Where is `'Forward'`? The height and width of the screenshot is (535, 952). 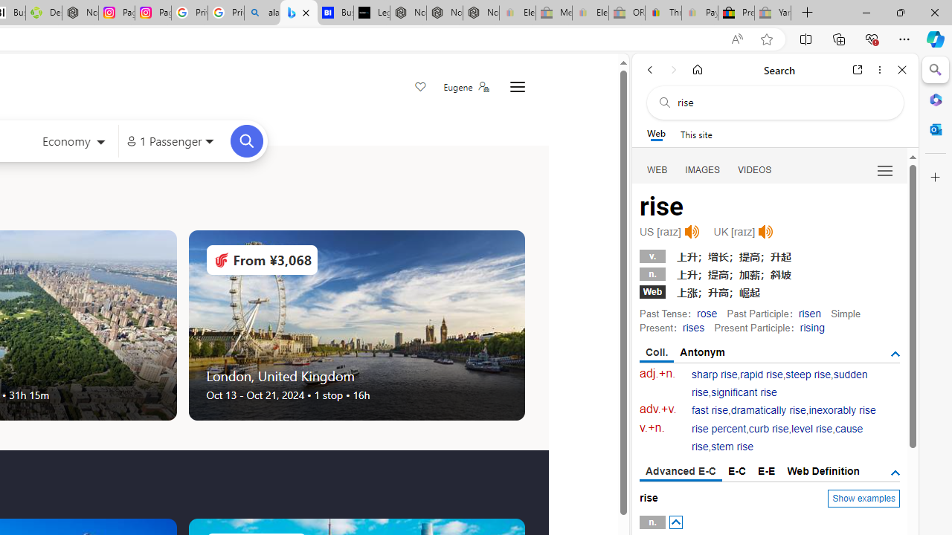
'Forward' is located at coordinates (673, 69).